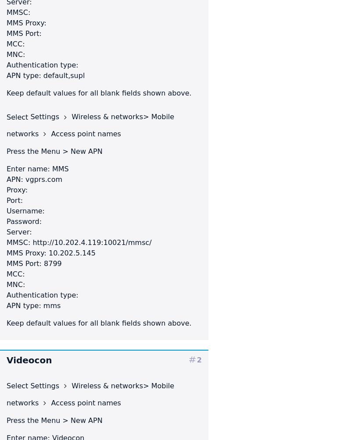  What do you see at coordinates (70, 253) in the screenshot?
I see `'10.202.5.145'` at bounding box center [70, 253].